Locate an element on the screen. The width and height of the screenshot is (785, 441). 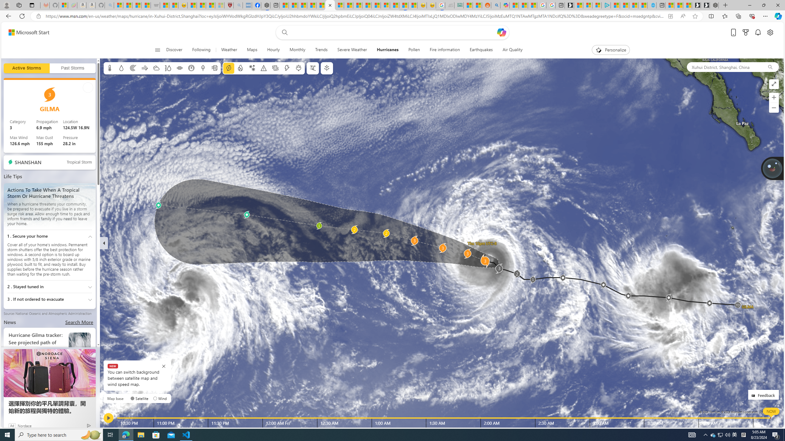
'Maps' is located at coordinates (251, 50).